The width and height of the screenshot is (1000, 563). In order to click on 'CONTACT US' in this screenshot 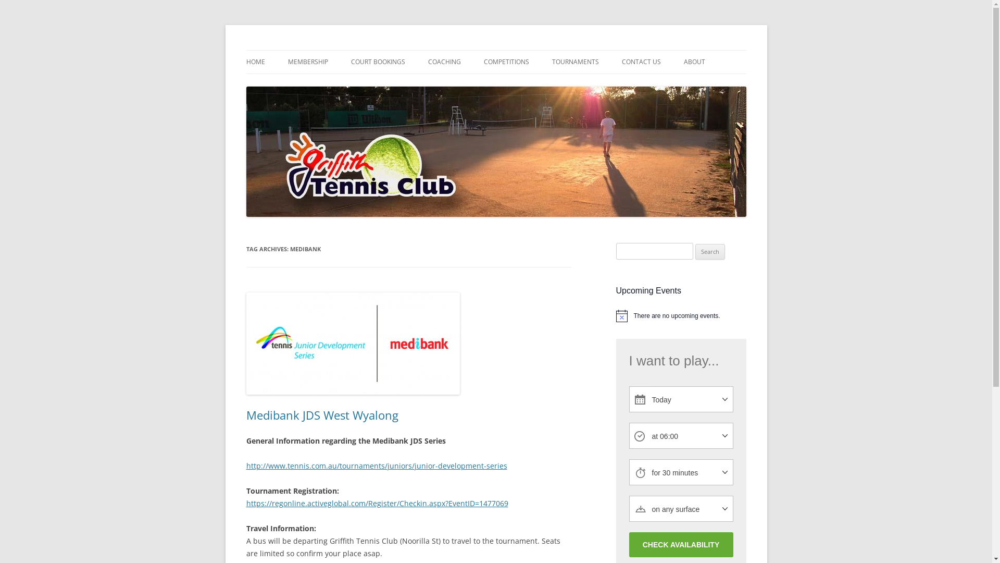, I will do `click(641, 62)`.